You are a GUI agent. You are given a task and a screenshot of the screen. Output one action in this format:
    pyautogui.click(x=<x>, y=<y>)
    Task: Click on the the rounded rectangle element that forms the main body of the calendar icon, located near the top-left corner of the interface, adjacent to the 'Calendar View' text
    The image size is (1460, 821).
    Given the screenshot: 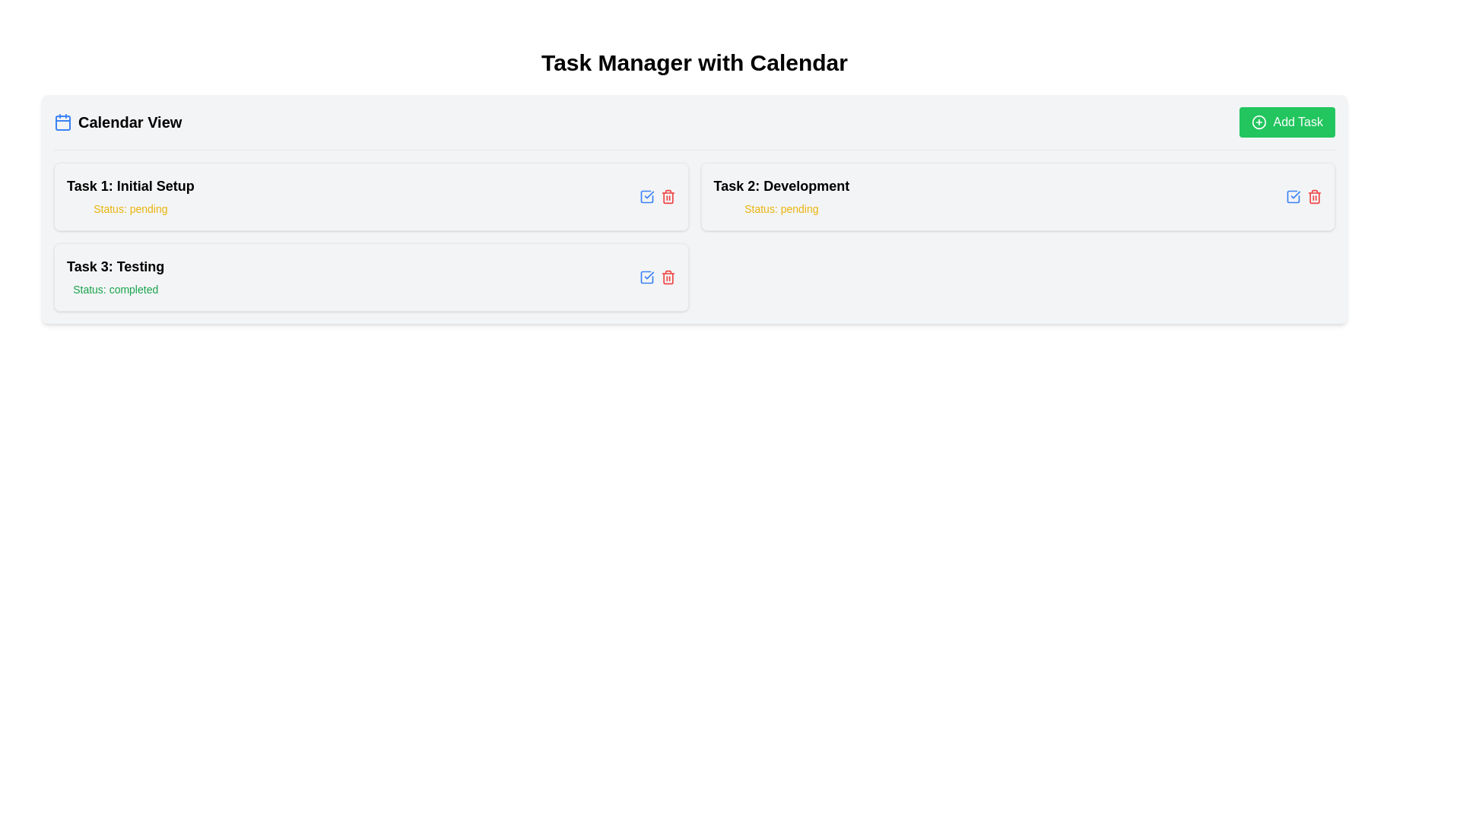 What is the action you would take?
    pyautogui.click(x=62, y=122)
    